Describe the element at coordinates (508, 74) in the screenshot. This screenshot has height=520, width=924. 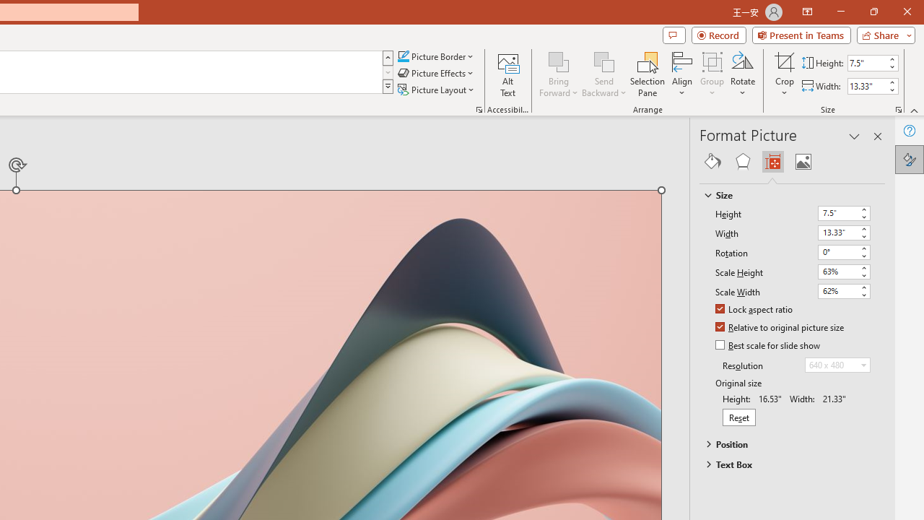
I see `'Alt Text'` at that location.